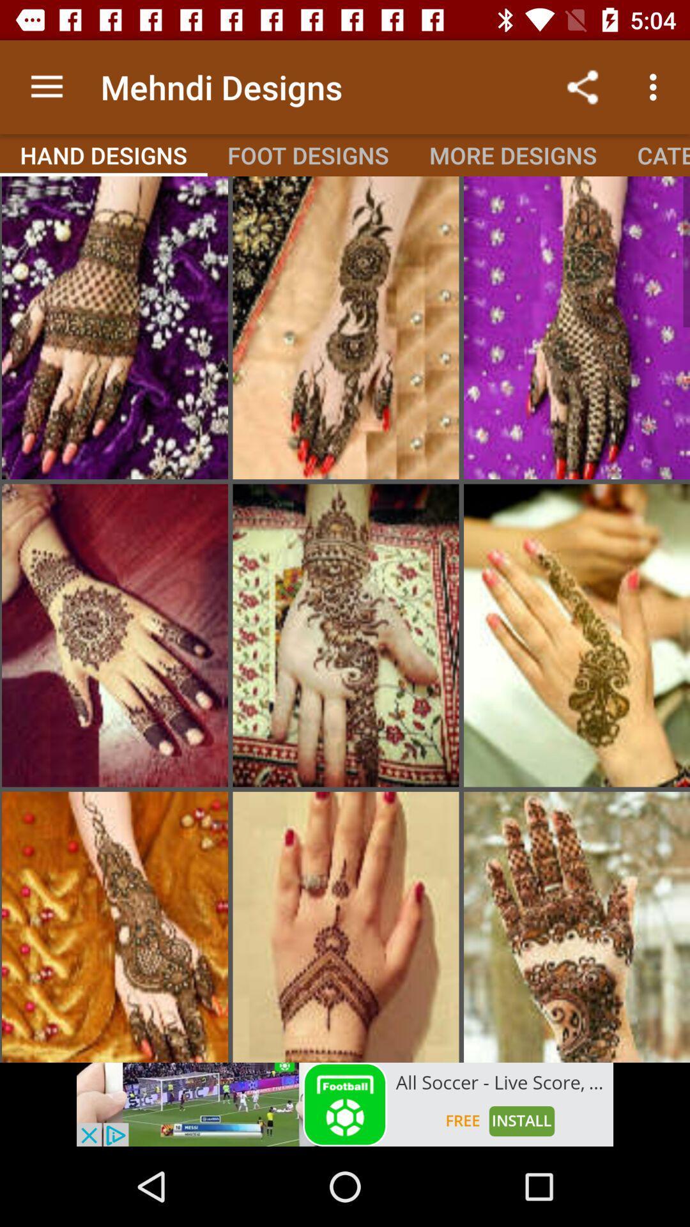 Image resolution: width=690 pixels, height=1227 pixels. Describe the element at coordinates (345, 1104) in the screenshot. I see `open an advertisement` at that location.